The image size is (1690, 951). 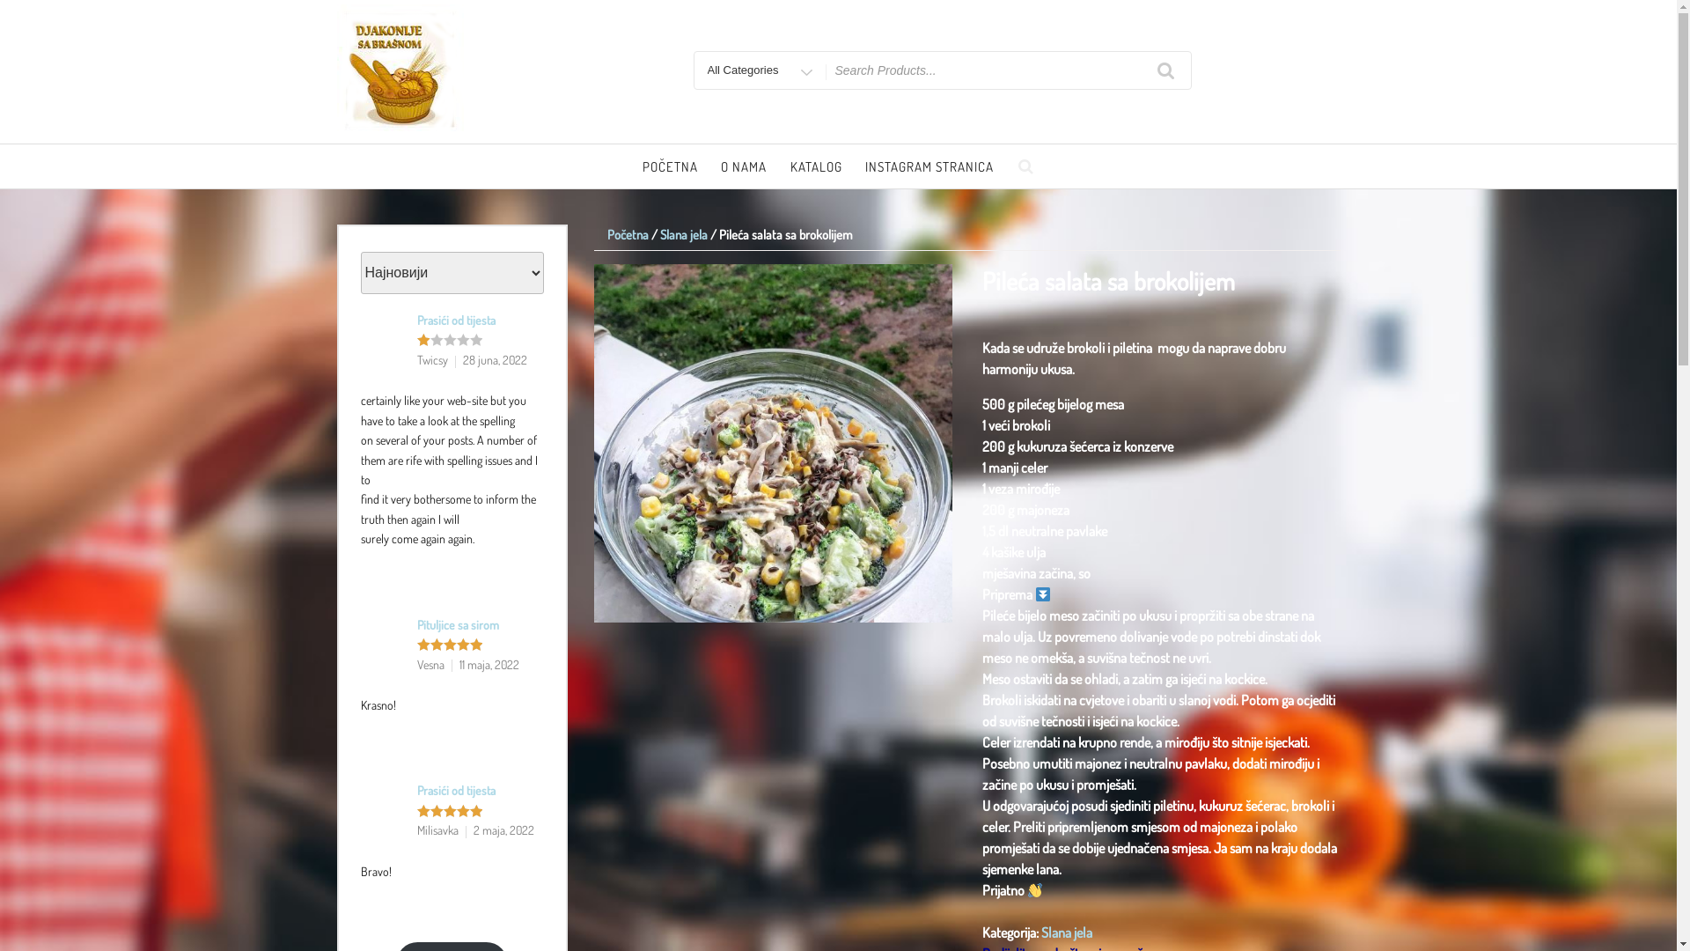 I want to click on 'INSTAGRAM STRANICA', so click(x=929, y=167).